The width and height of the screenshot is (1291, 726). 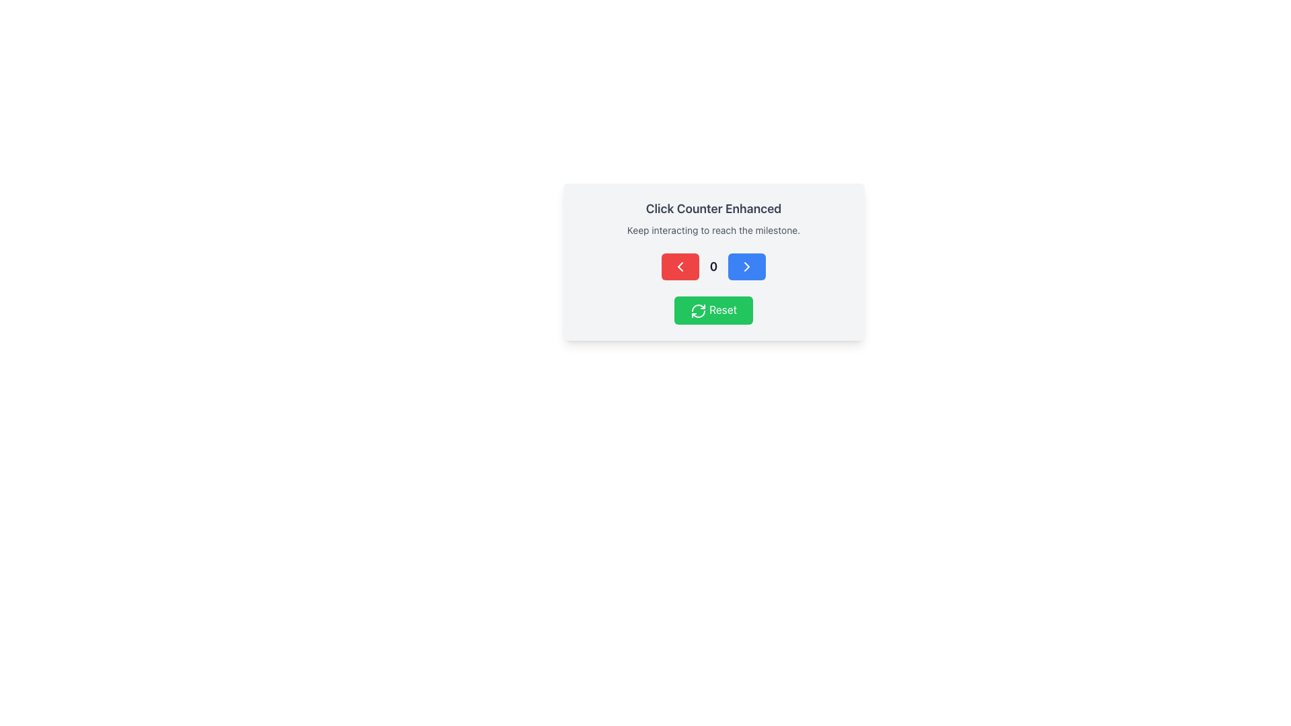 What do you see at coordinates (680, 267) in the screenshot?
I see `the red button with rounded corners and a white left arrow icon` at bounding box center [680, 267].